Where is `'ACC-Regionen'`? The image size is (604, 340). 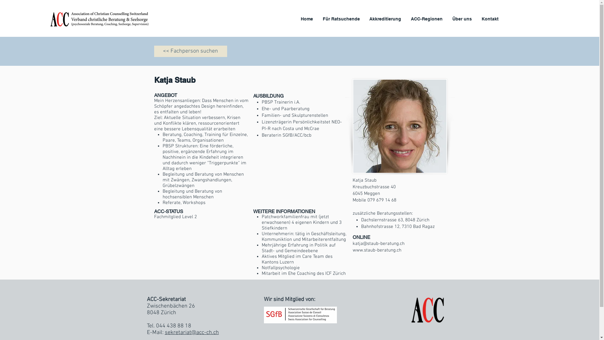
'ACC-Regionen' is located at coordinates (427, 19).